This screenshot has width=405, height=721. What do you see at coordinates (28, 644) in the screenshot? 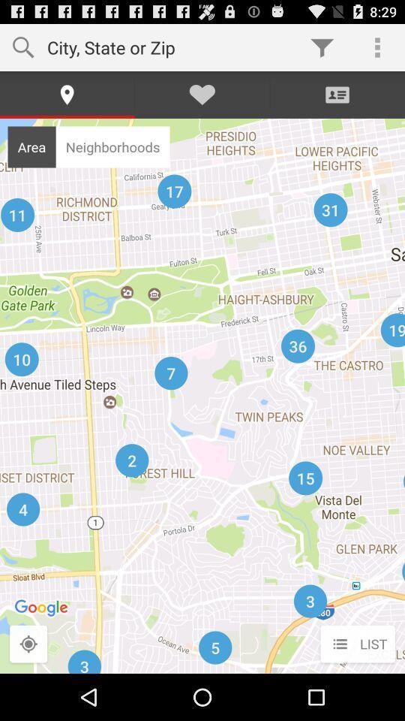
I see `lucation` at bounding box center [28, 644].